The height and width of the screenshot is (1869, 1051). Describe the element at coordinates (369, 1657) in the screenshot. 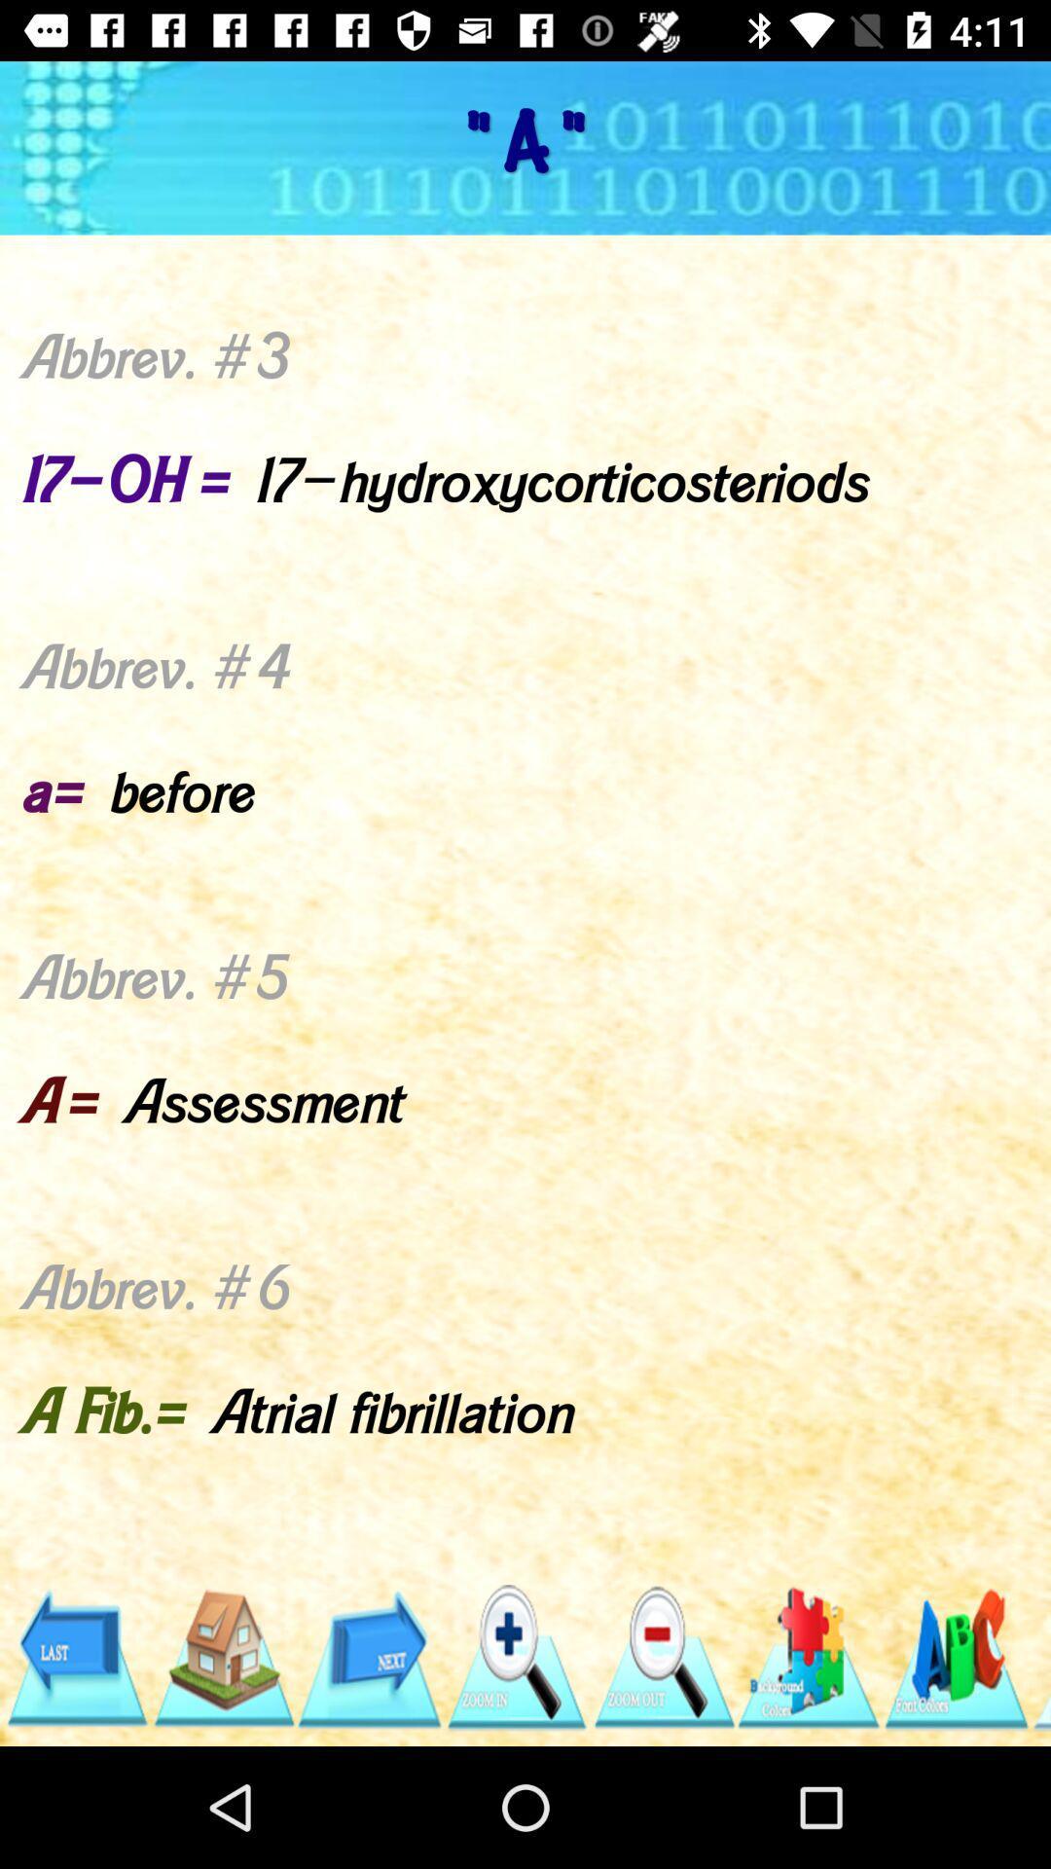

I see `the arrow_forward icon` at that location.